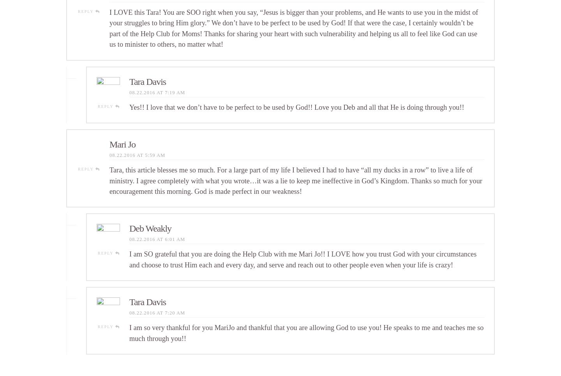 This screenshot has height=376, width=561. Describe the element at coordinates (296, 107) in the screenshot. I see `'Yes!!  I love that we don’t have to be perfect to be used by God!!  Love you Deb and all that He is doing through you!!'` at that location.